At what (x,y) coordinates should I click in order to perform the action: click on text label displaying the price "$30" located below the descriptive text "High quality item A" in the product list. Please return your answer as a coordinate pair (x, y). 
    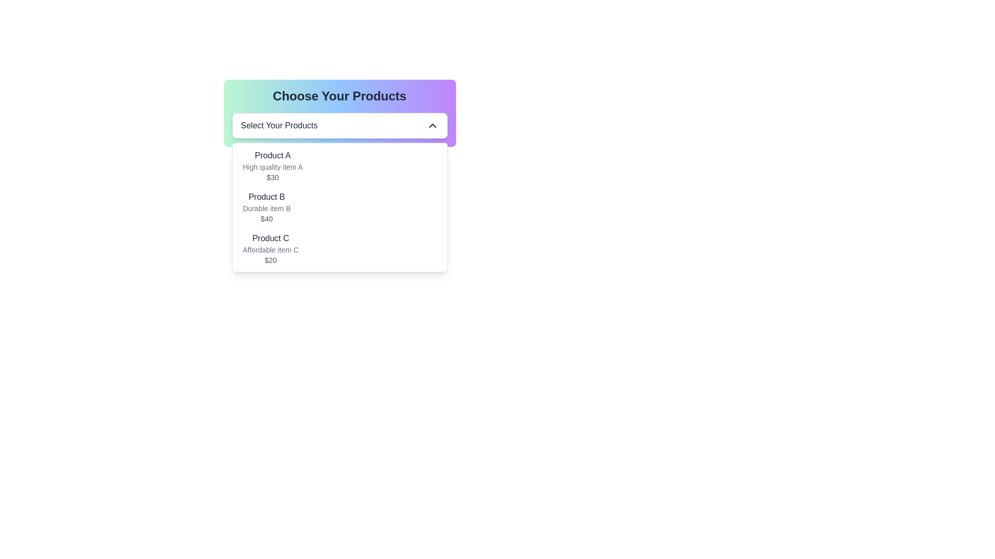
    Looking at the image, I should click on (273, 177).